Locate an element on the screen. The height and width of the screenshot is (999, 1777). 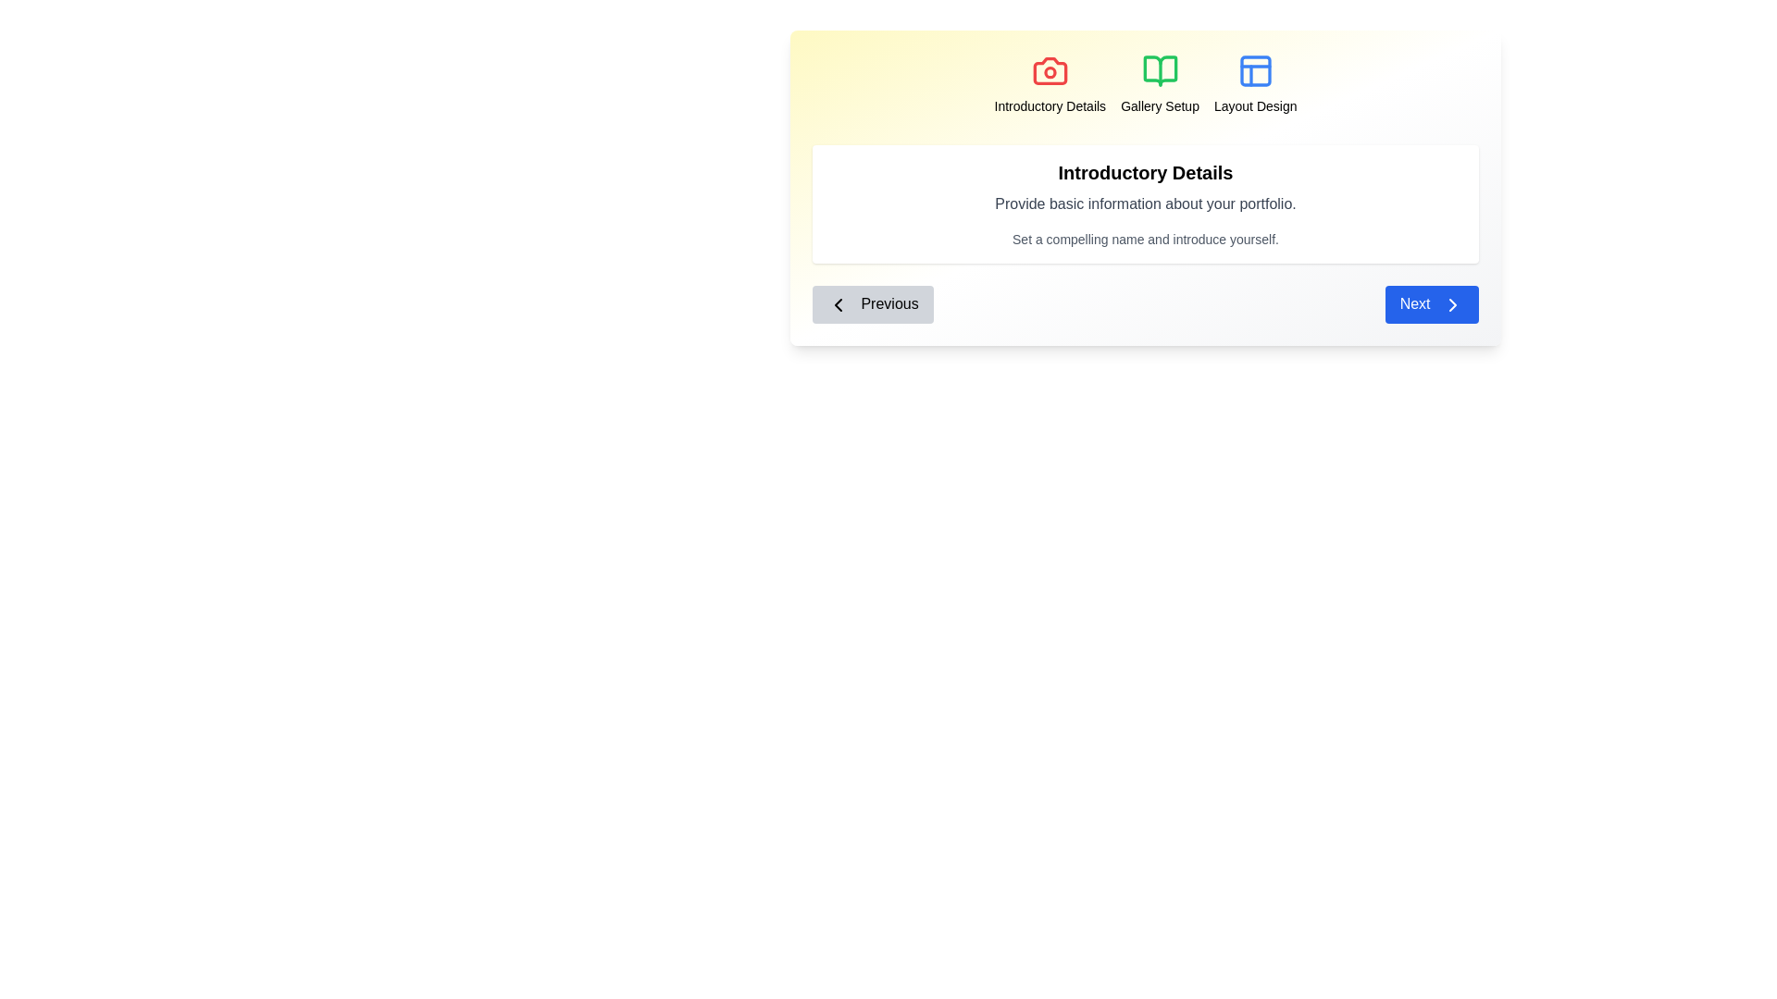
the camera icon located in the 'Introductory Details' section, which is the first icon in a horizontal row of three, situated centrally at the top of the interface is located at coordinates (1050, 70).